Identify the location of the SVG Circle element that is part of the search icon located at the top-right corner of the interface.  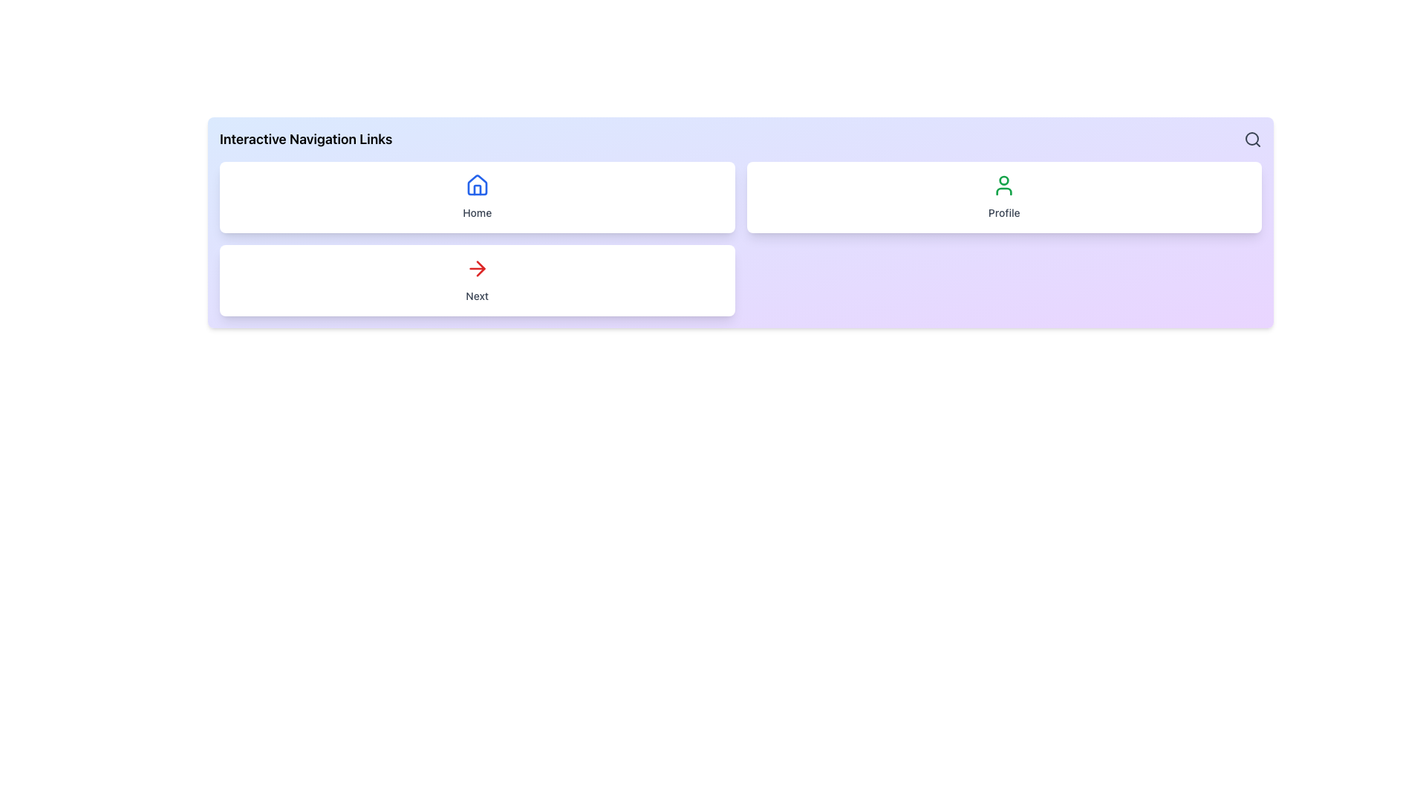
(1251, 138).